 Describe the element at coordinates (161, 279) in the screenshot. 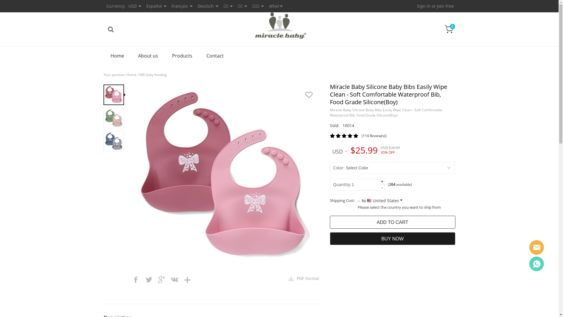

I see `'googleplus'` at that location.